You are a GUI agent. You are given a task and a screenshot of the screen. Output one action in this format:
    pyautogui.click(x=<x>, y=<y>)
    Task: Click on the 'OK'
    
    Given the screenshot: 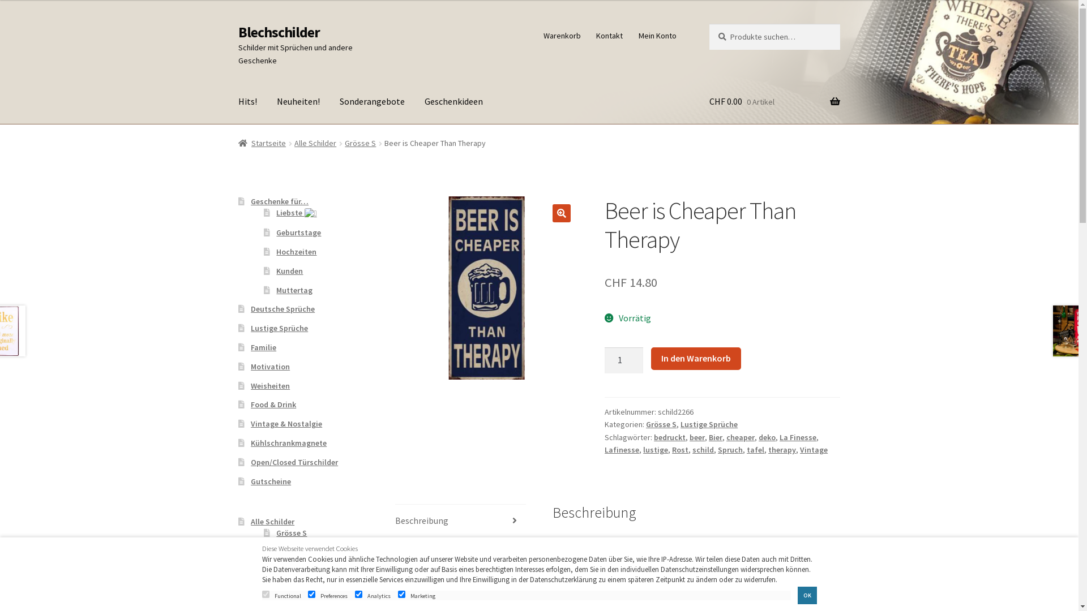 What is the action you would take?
    pyautogui.click(x=797, y=595)
    